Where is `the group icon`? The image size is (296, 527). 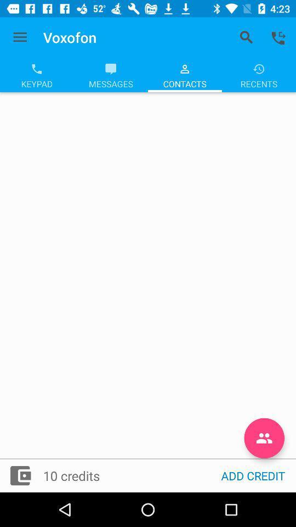
the group icon is located at coordinates (264, 438).